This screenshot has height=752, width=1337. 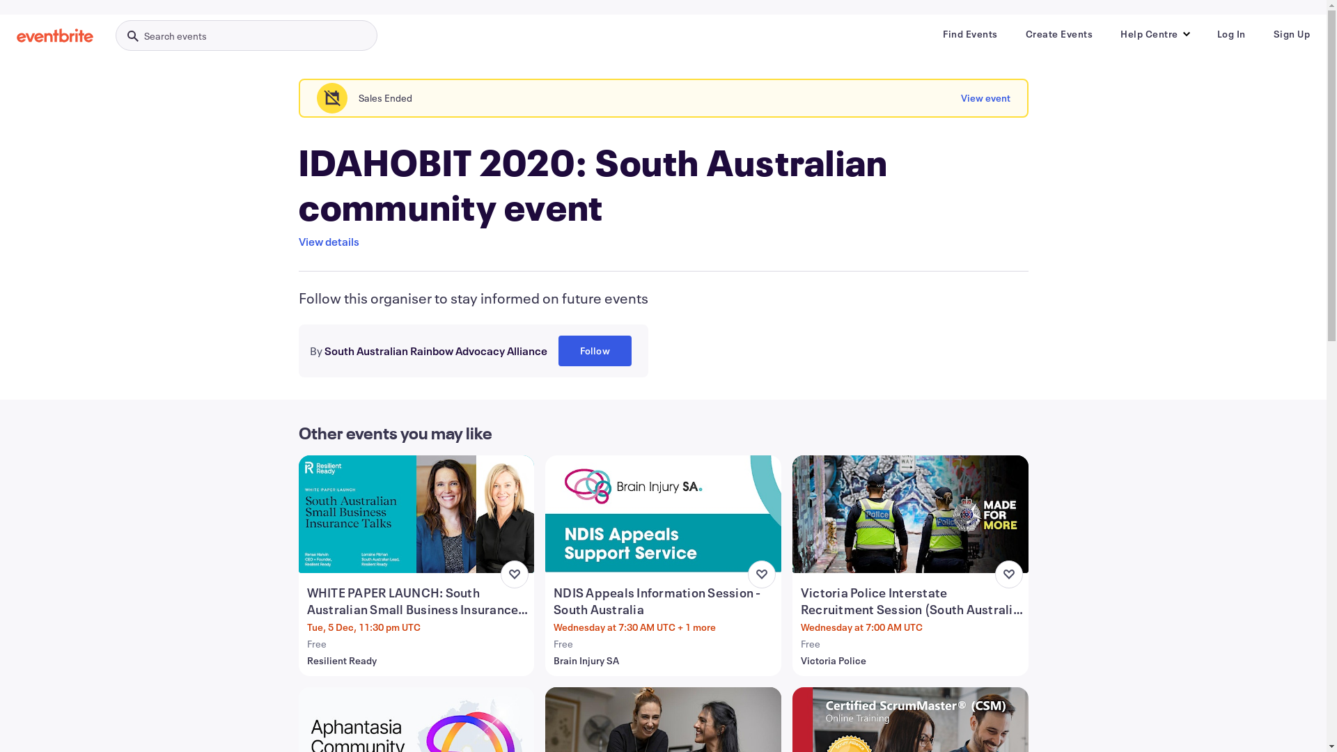 I want to click on 'Find Events', so click(x=932, y=33).